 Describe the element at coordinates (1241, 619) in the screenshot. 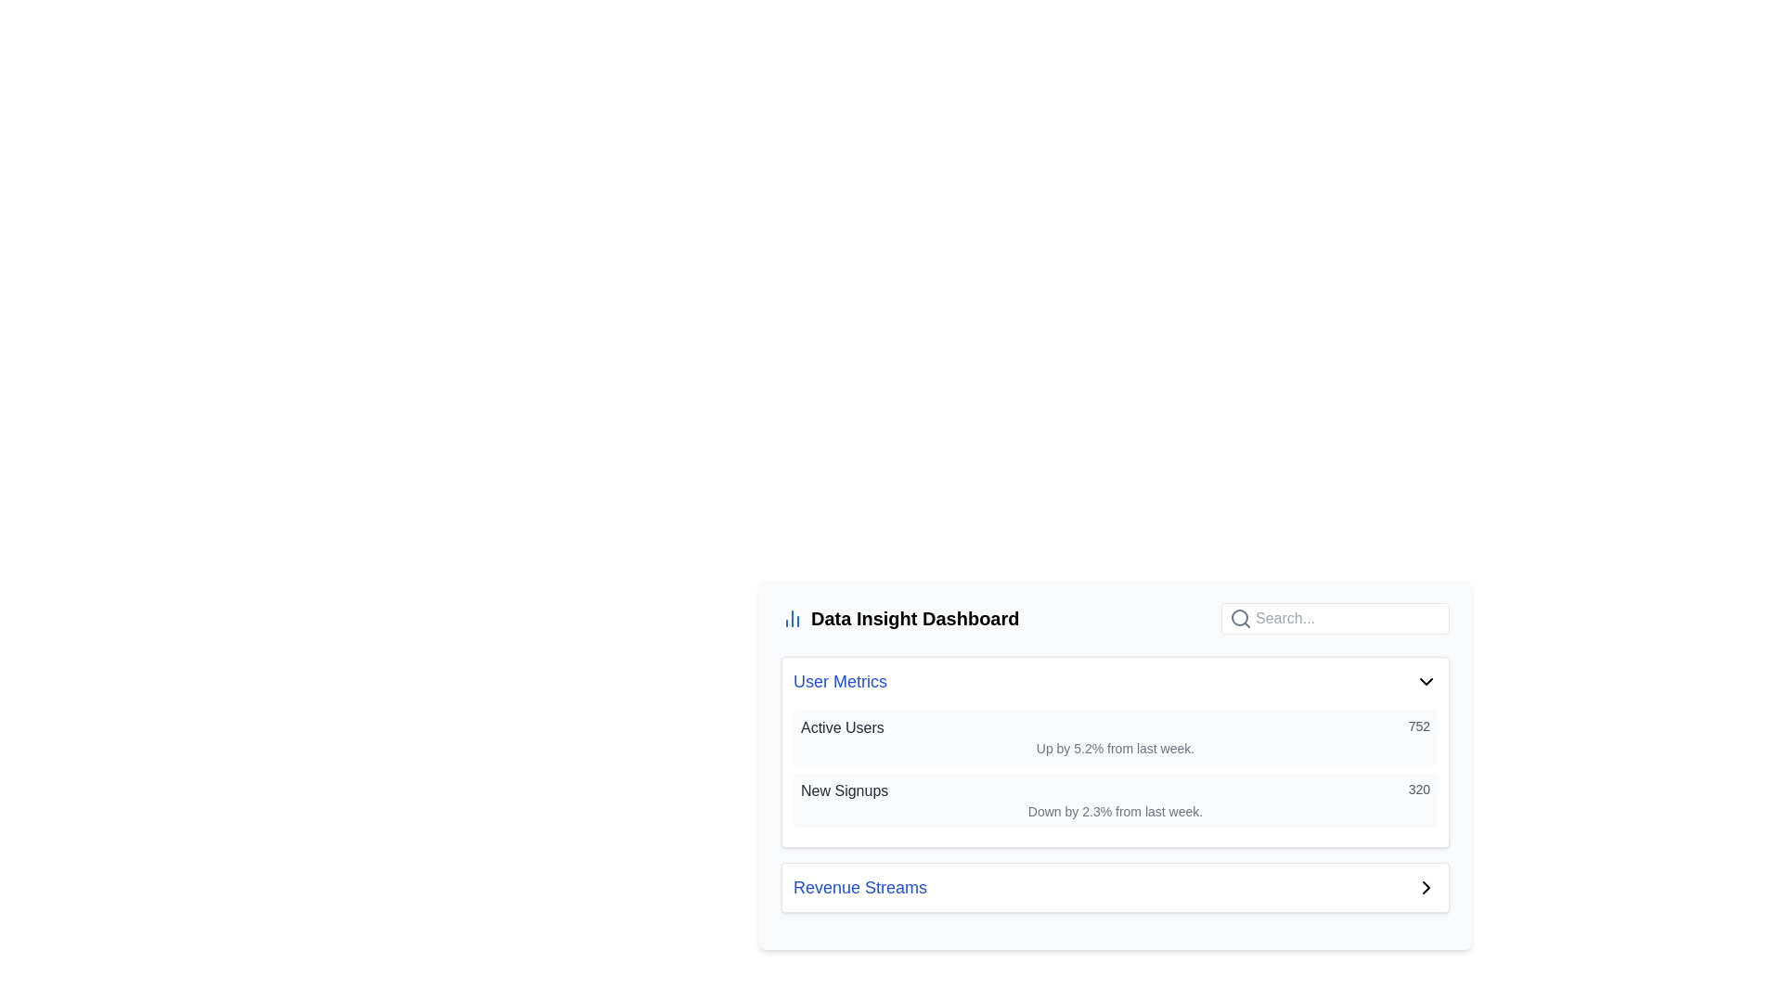

I see `the greyish magnifying glass icon located in the top-right corner of the dashboard's search bar` at that location.